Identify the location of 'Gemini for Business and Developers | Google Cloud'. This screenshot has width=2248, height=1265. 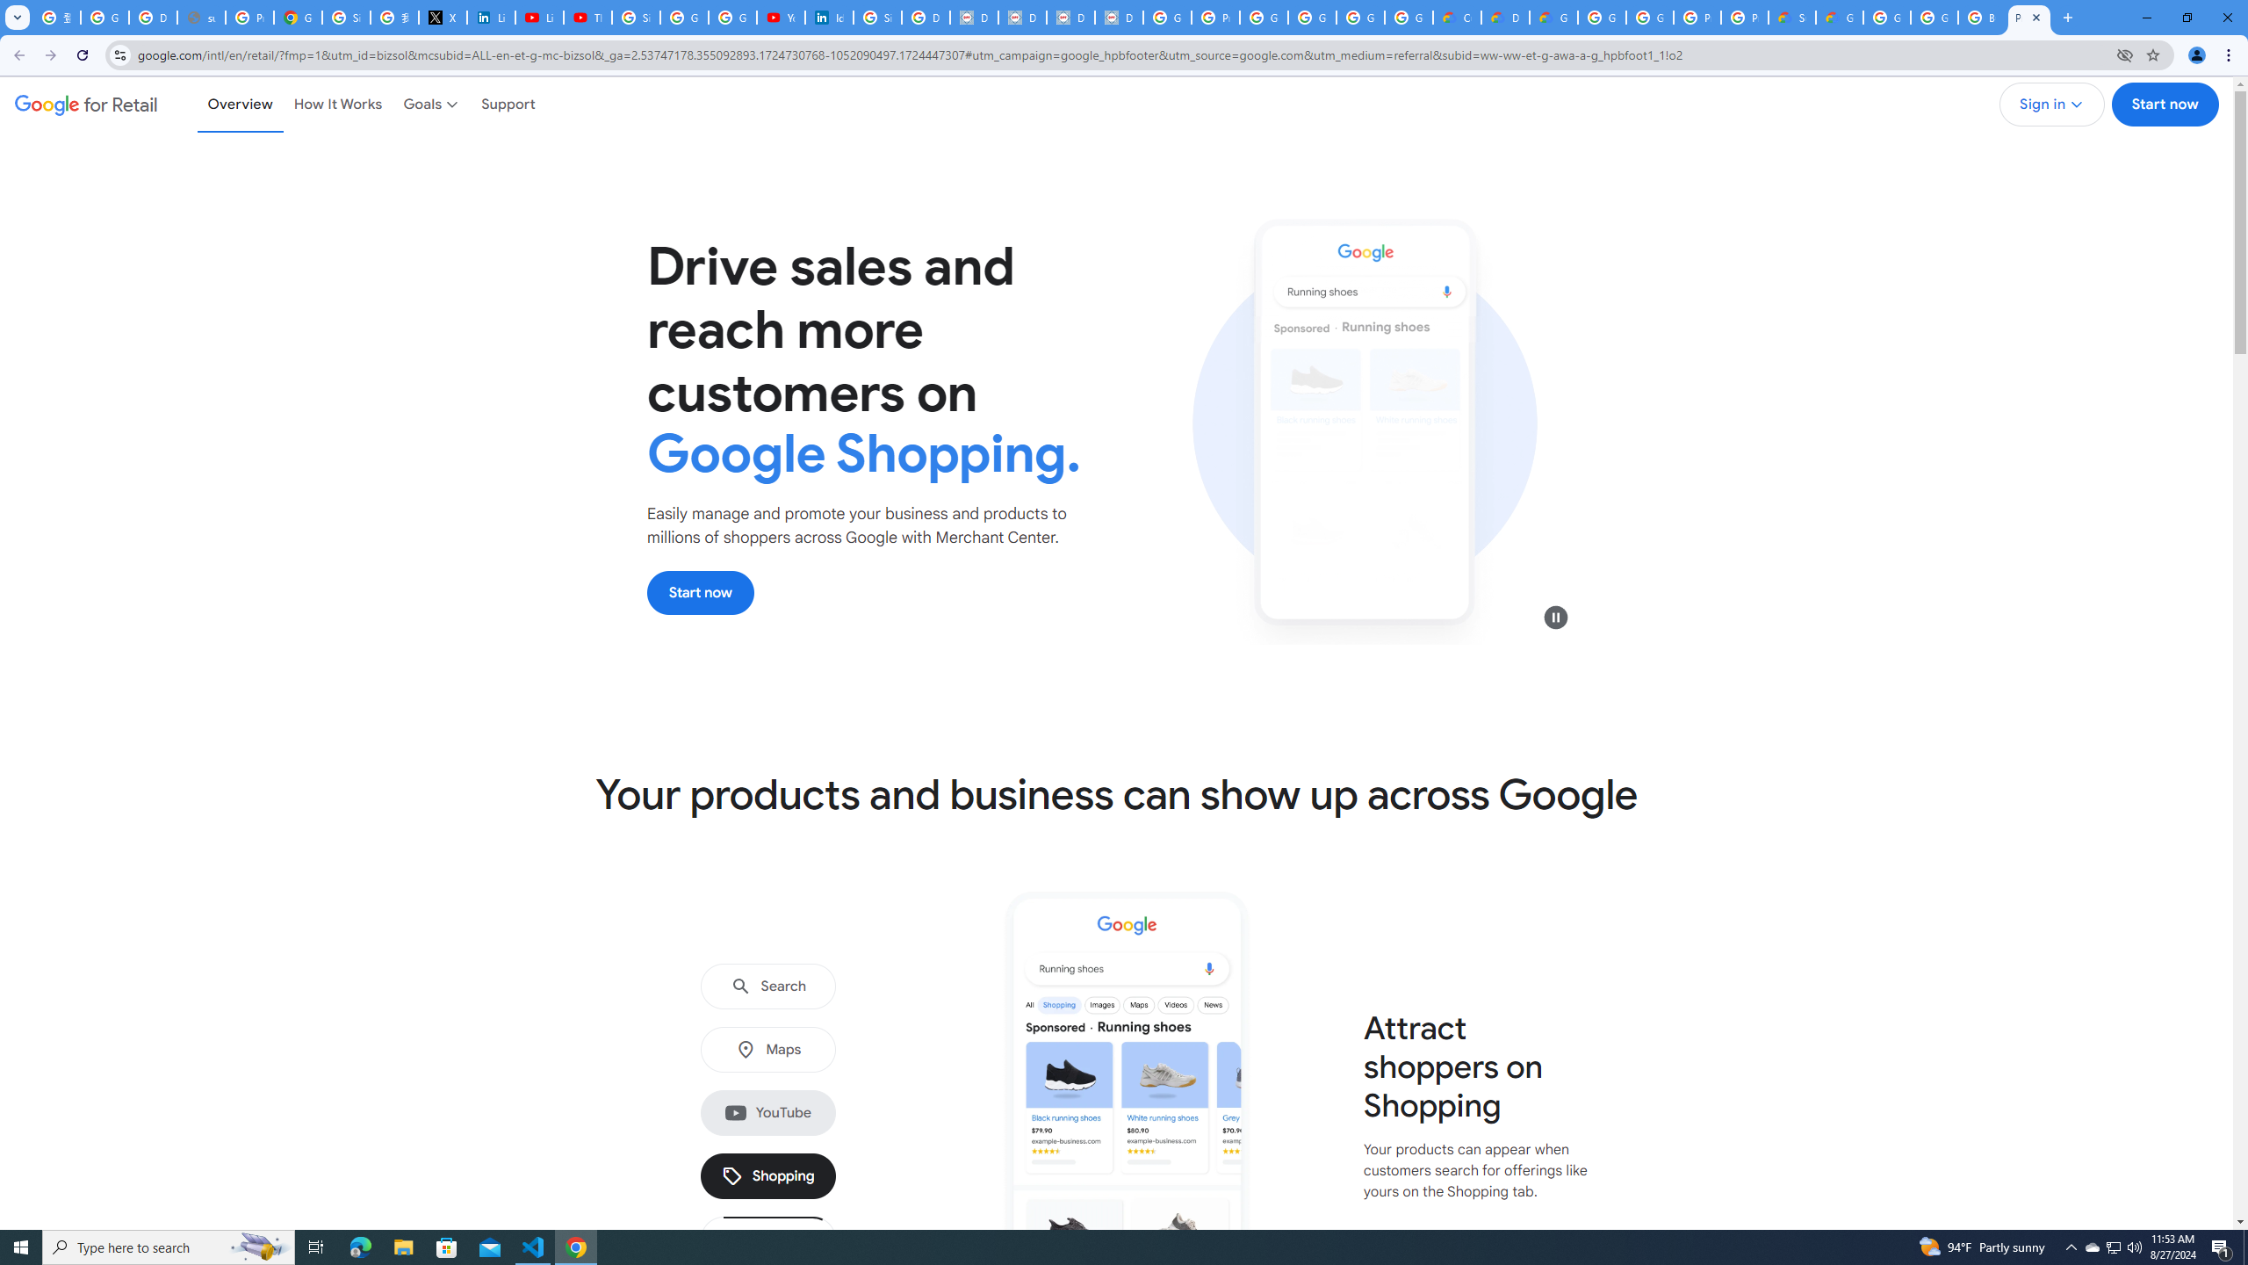
(1553, 17).